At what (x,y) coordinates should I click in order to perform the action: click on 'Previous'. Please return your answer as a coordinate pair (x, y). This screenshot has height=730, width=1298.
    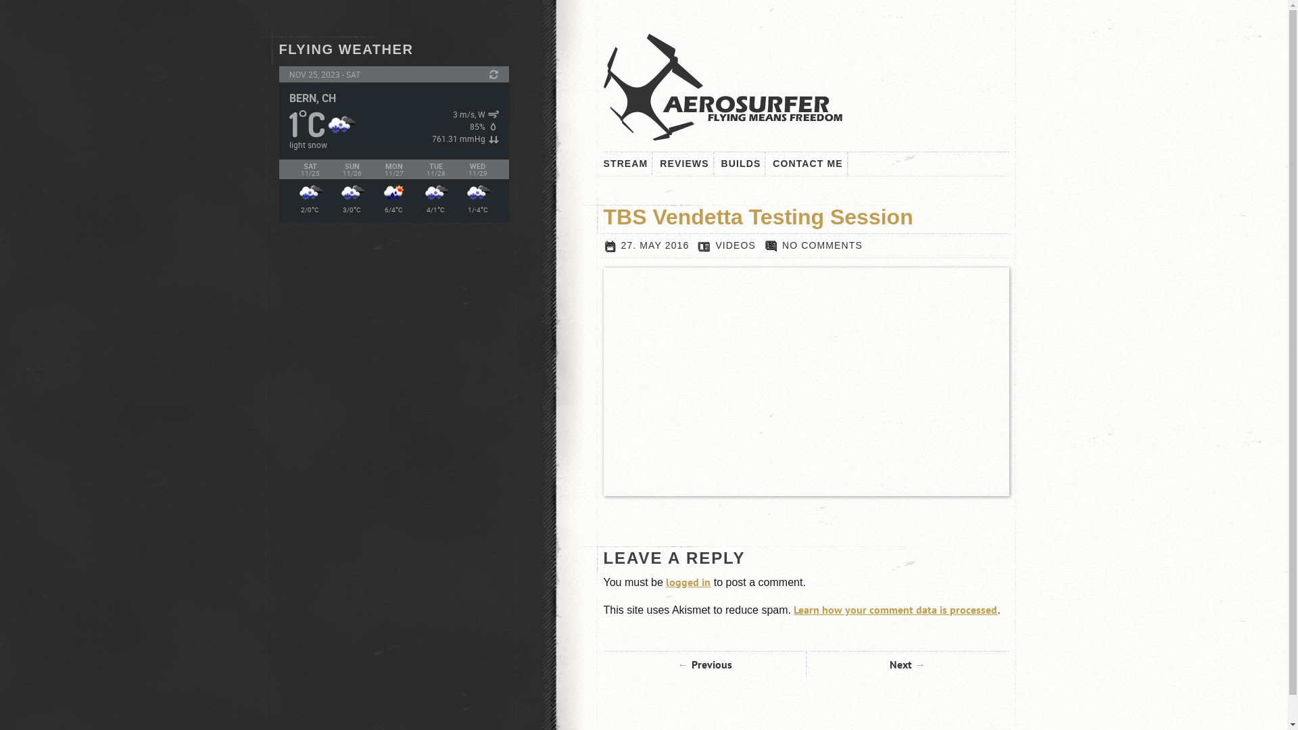
    Looking at the image, I should click on (703, 664).